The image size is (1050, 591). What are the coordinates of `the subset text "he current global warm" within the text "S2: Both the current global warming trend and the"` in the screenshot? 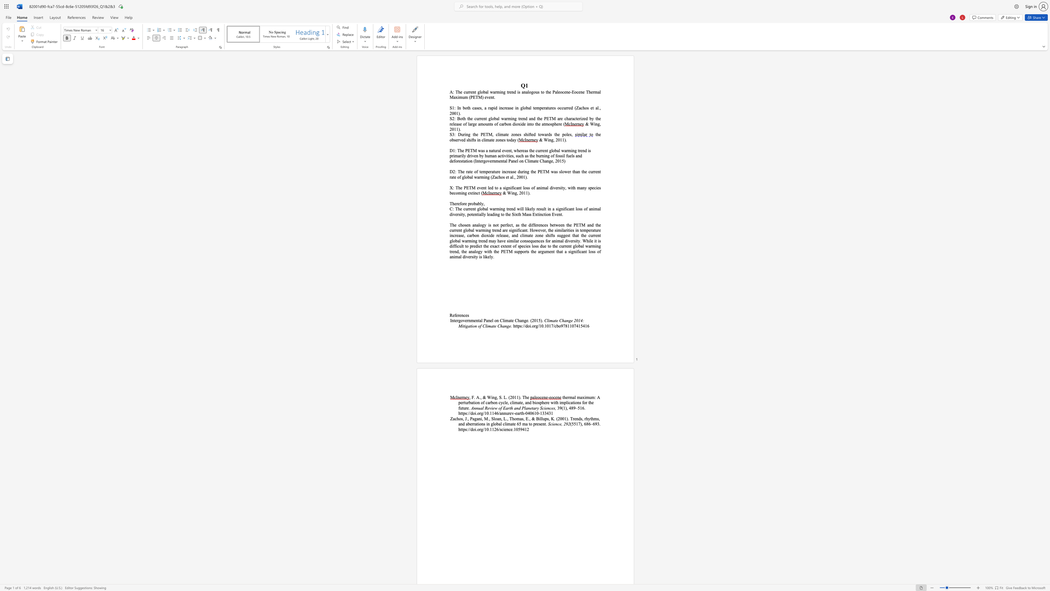 It's located at (468, 118).